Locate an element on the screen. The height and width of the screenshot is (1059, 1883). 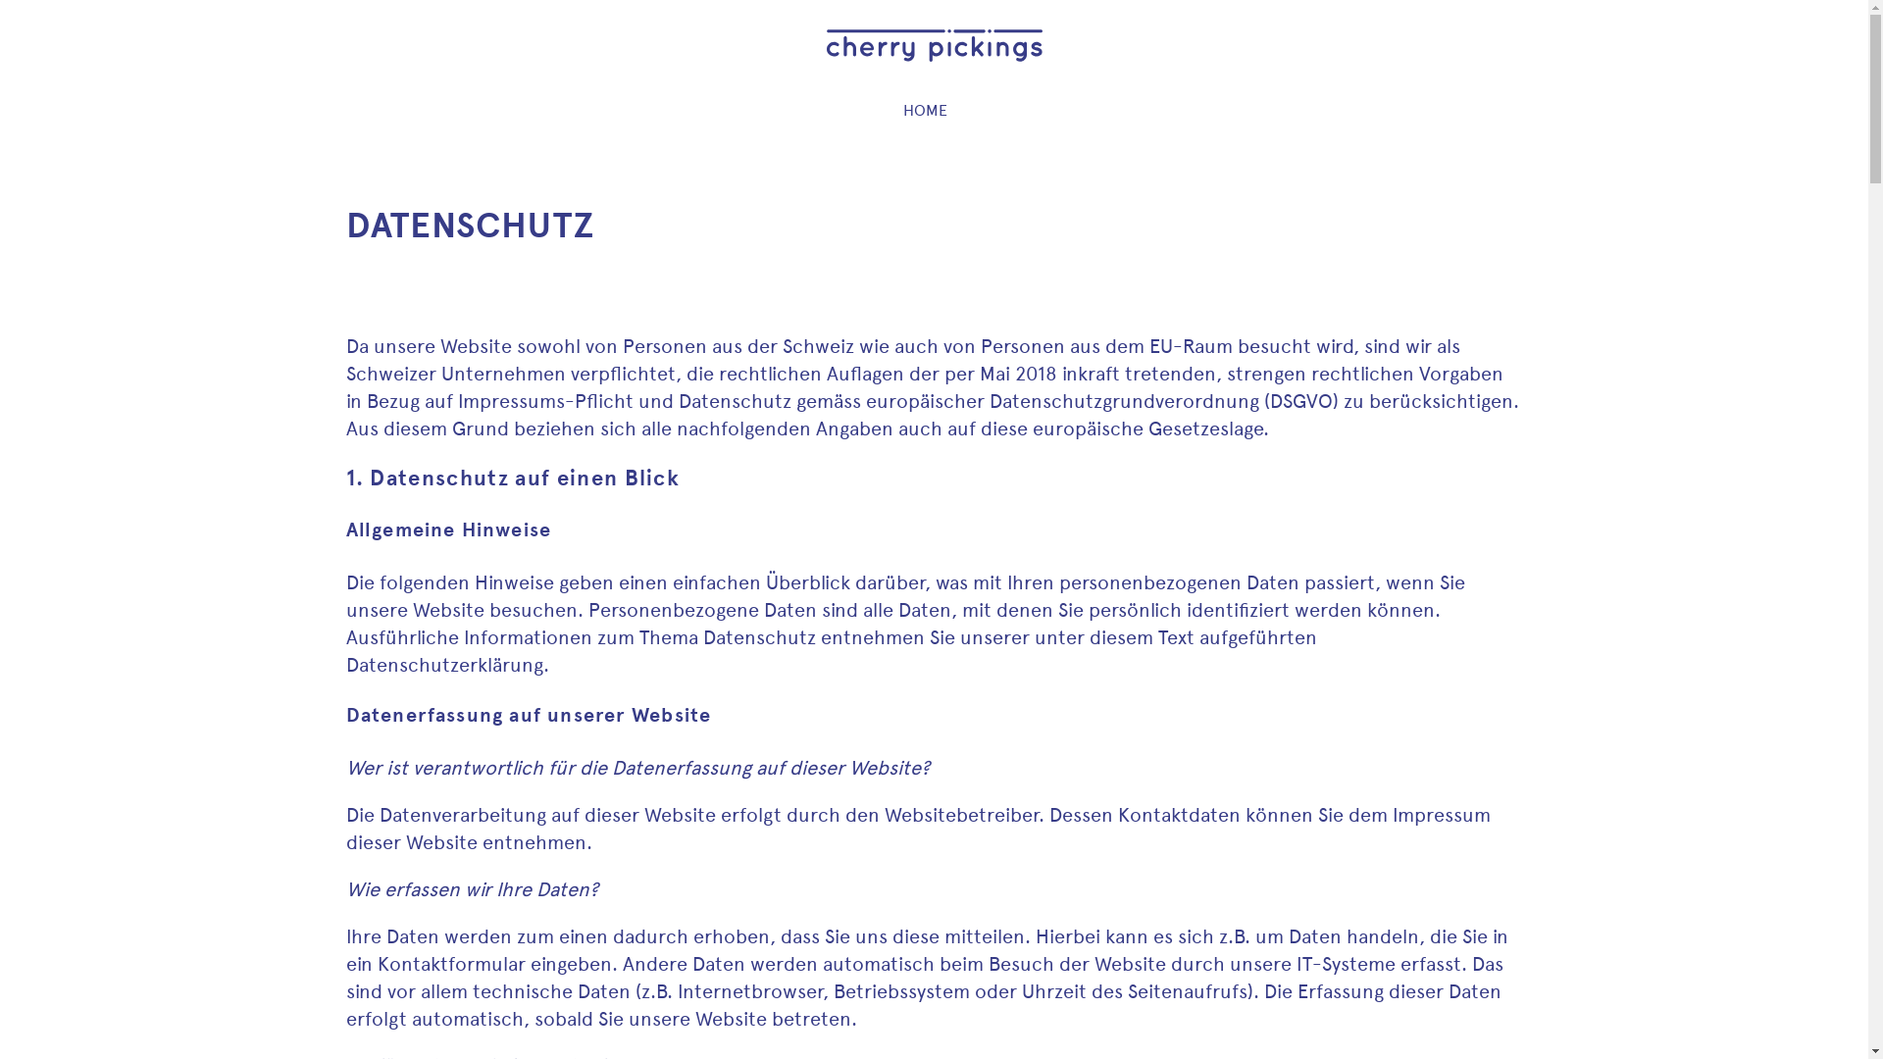
'HOME' is located at coordinates (924, 110).